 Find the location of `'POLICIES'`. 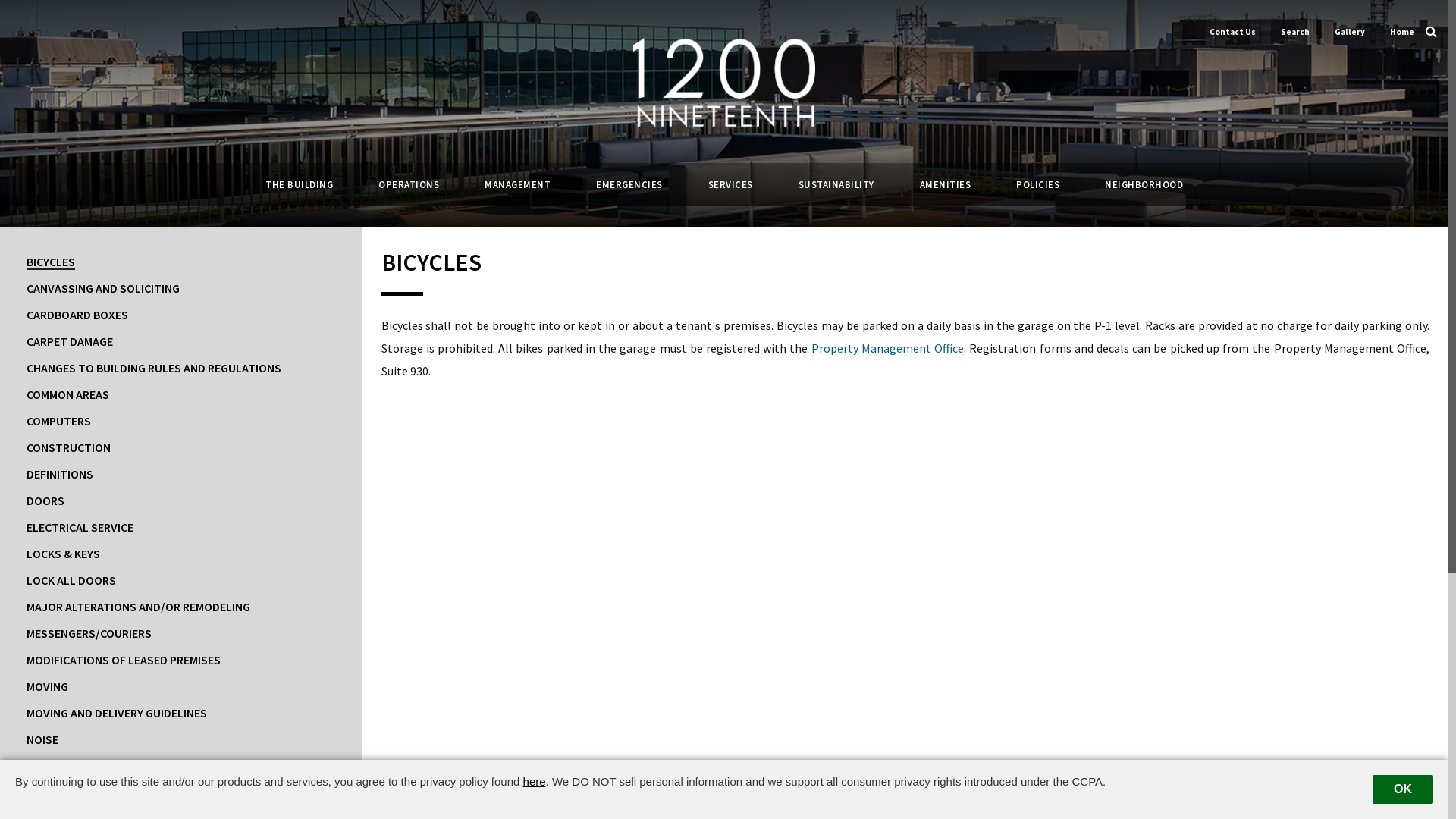

'POLICIES' is located at coordinates (1015, 184).